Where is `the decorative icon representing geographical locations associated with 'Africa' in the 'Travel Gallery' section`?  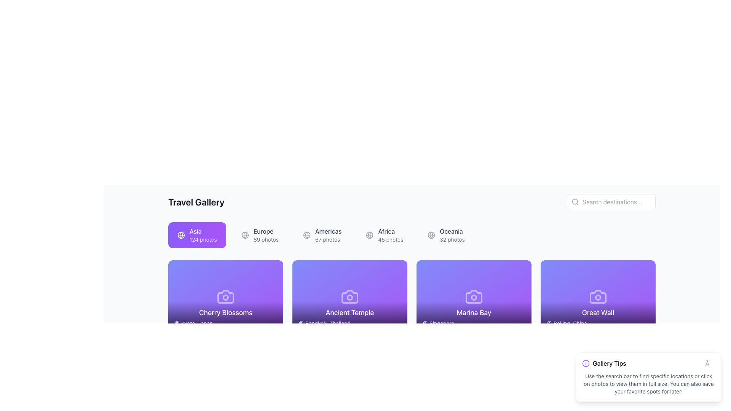
the decorative icon representing geographical locations associated with 'Africa' in the 'Travel Gallery' section is located at coordinates (370, 234).